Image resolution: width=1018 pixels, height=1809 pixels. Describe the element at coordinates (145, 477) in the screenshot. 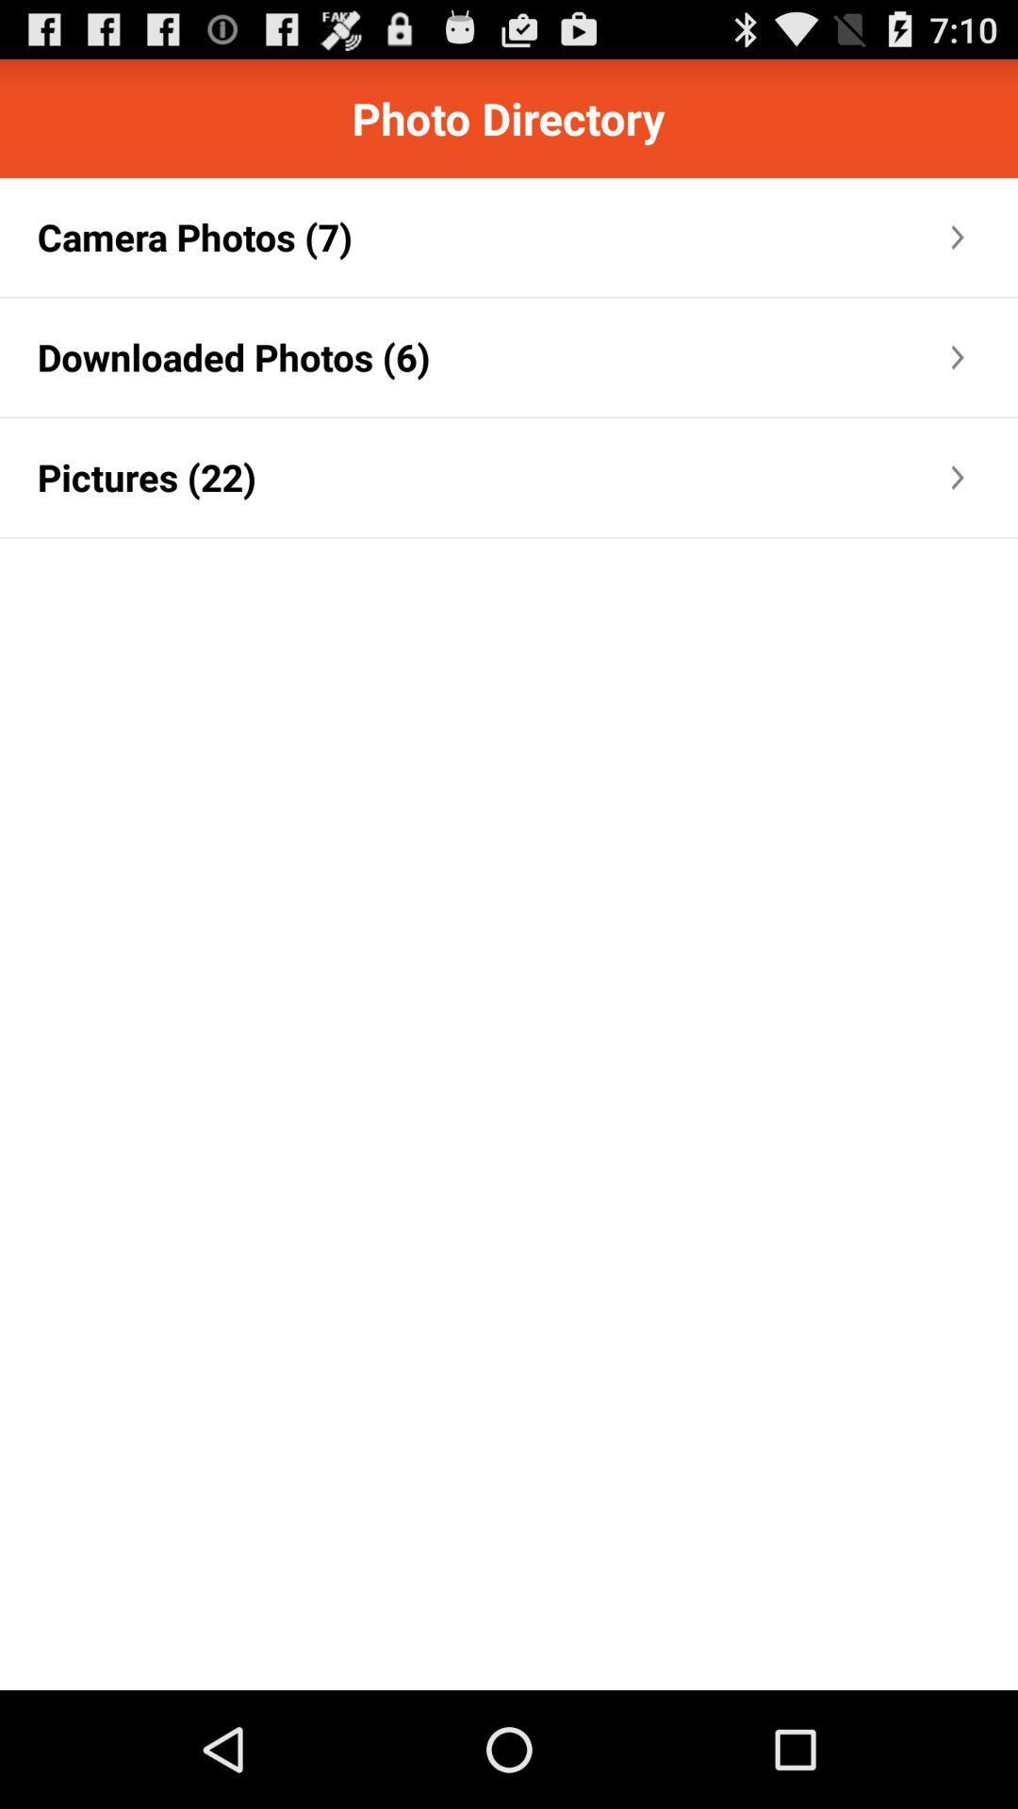

I see `the pictures (22) app` at that location.